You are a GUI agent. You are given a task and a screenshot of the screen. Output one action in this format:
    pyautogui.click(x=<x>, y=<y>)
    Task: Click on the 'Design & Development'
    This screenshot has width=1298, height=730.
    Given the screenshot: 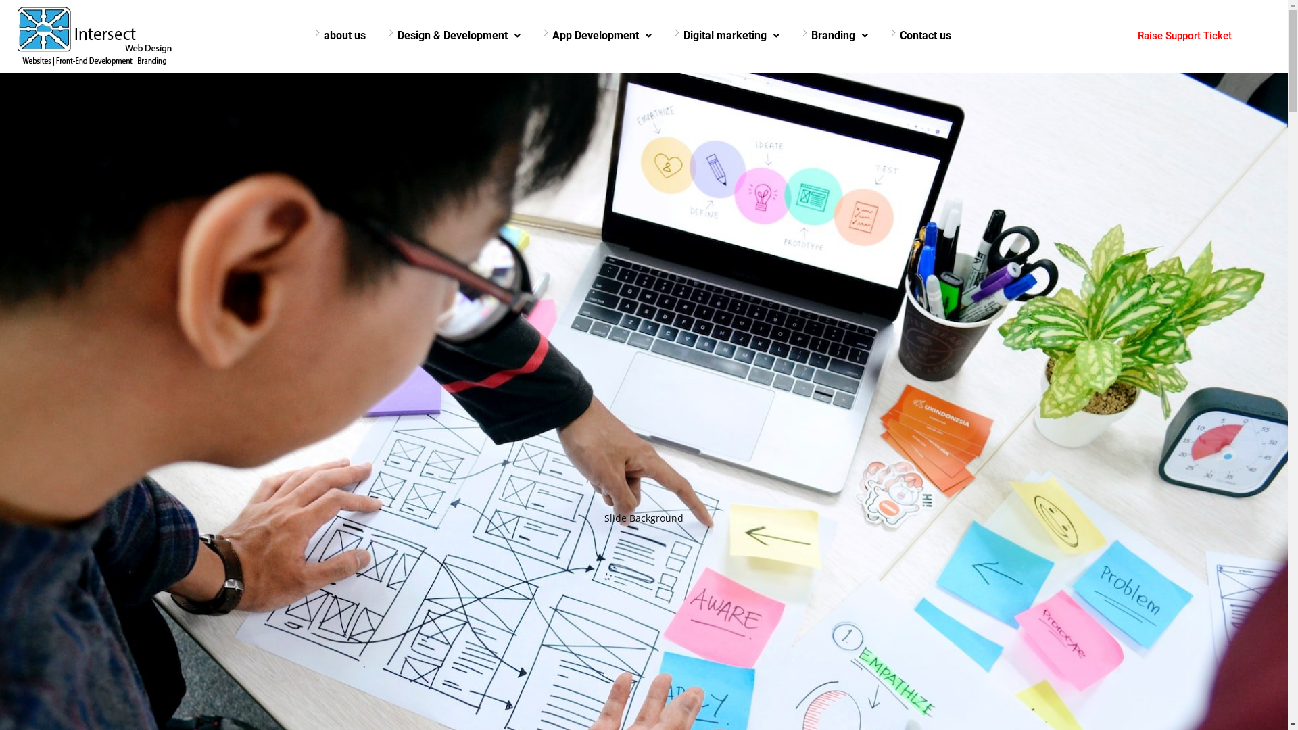 What is the action you would take?
    pyautogui.click(x=458, y=35)
    